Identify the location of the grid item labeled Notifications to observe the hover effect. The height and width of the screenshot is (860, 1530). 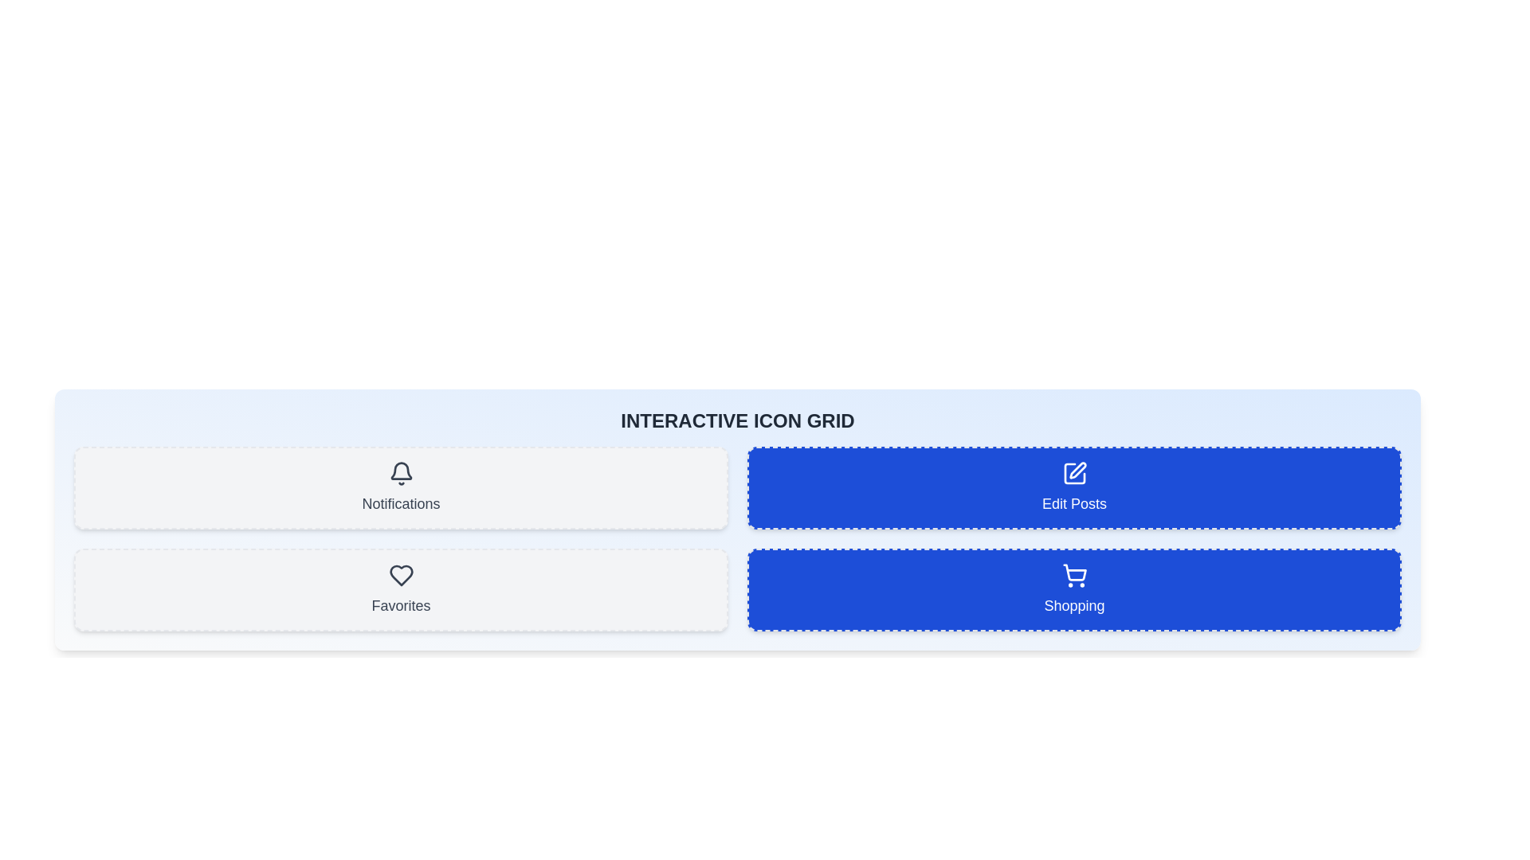
(401, 487).